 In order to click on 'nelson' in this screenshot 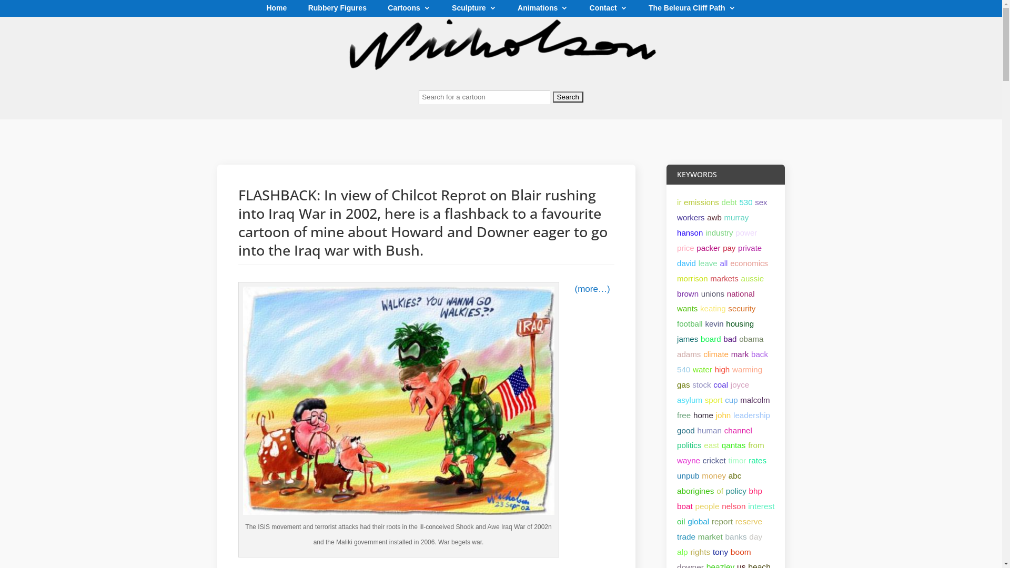, I will do `click(721, 505)`.